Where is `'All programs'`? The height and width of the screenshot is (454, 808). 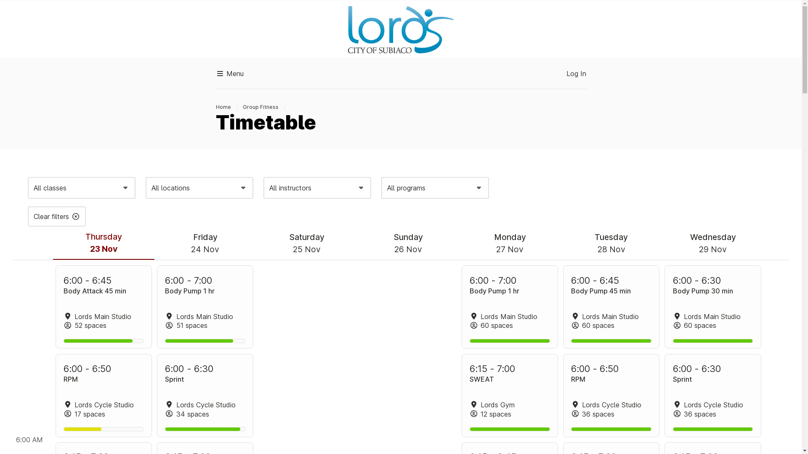 'All programs' is located at coordinates (435, 187).